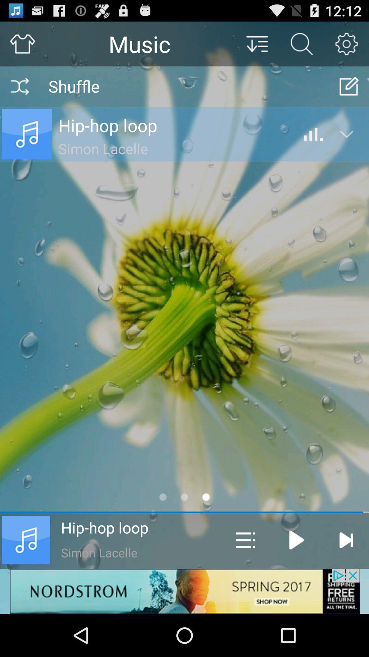 This screenshot has width=369, height=657. Describe the element at coordinates (346, 578) in the screenshot. I see `the skip_next icon` at that location.